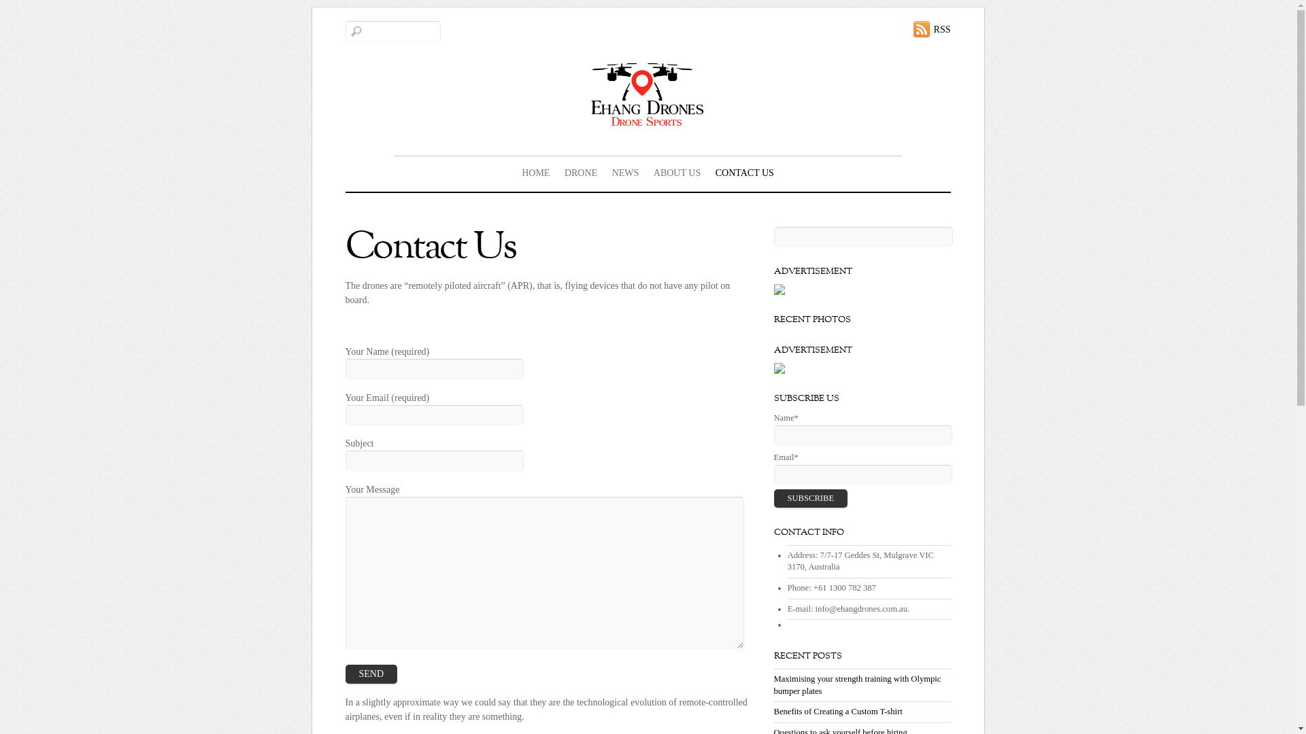 This screenshot has height=734, width=1306. Describe the element at coordinates (743, 172) in the screenshot. I see `'CONTACT US'` at that location.